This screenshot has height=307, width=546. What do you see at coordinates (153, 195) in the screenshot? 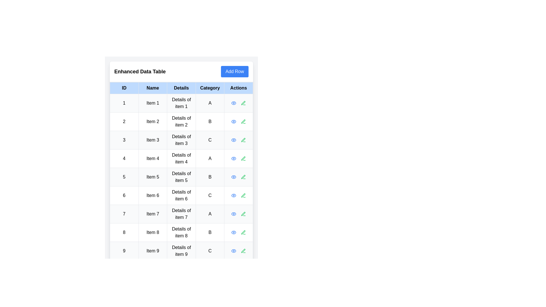
I see `the text label containing 'Item 6', which is styled with center alignment and located in the 6th row of the data table under the 'Name' column` at bounding box center [153, 195].